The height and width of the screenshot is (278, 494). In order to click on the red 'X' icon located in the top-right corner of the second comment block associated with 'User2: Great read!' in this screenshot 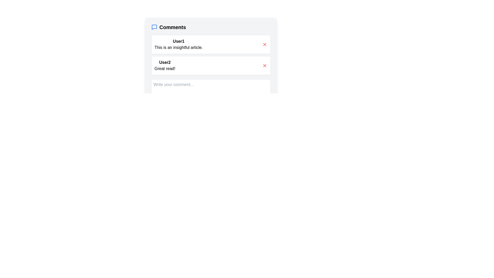, I will do `click(264, 65)`.